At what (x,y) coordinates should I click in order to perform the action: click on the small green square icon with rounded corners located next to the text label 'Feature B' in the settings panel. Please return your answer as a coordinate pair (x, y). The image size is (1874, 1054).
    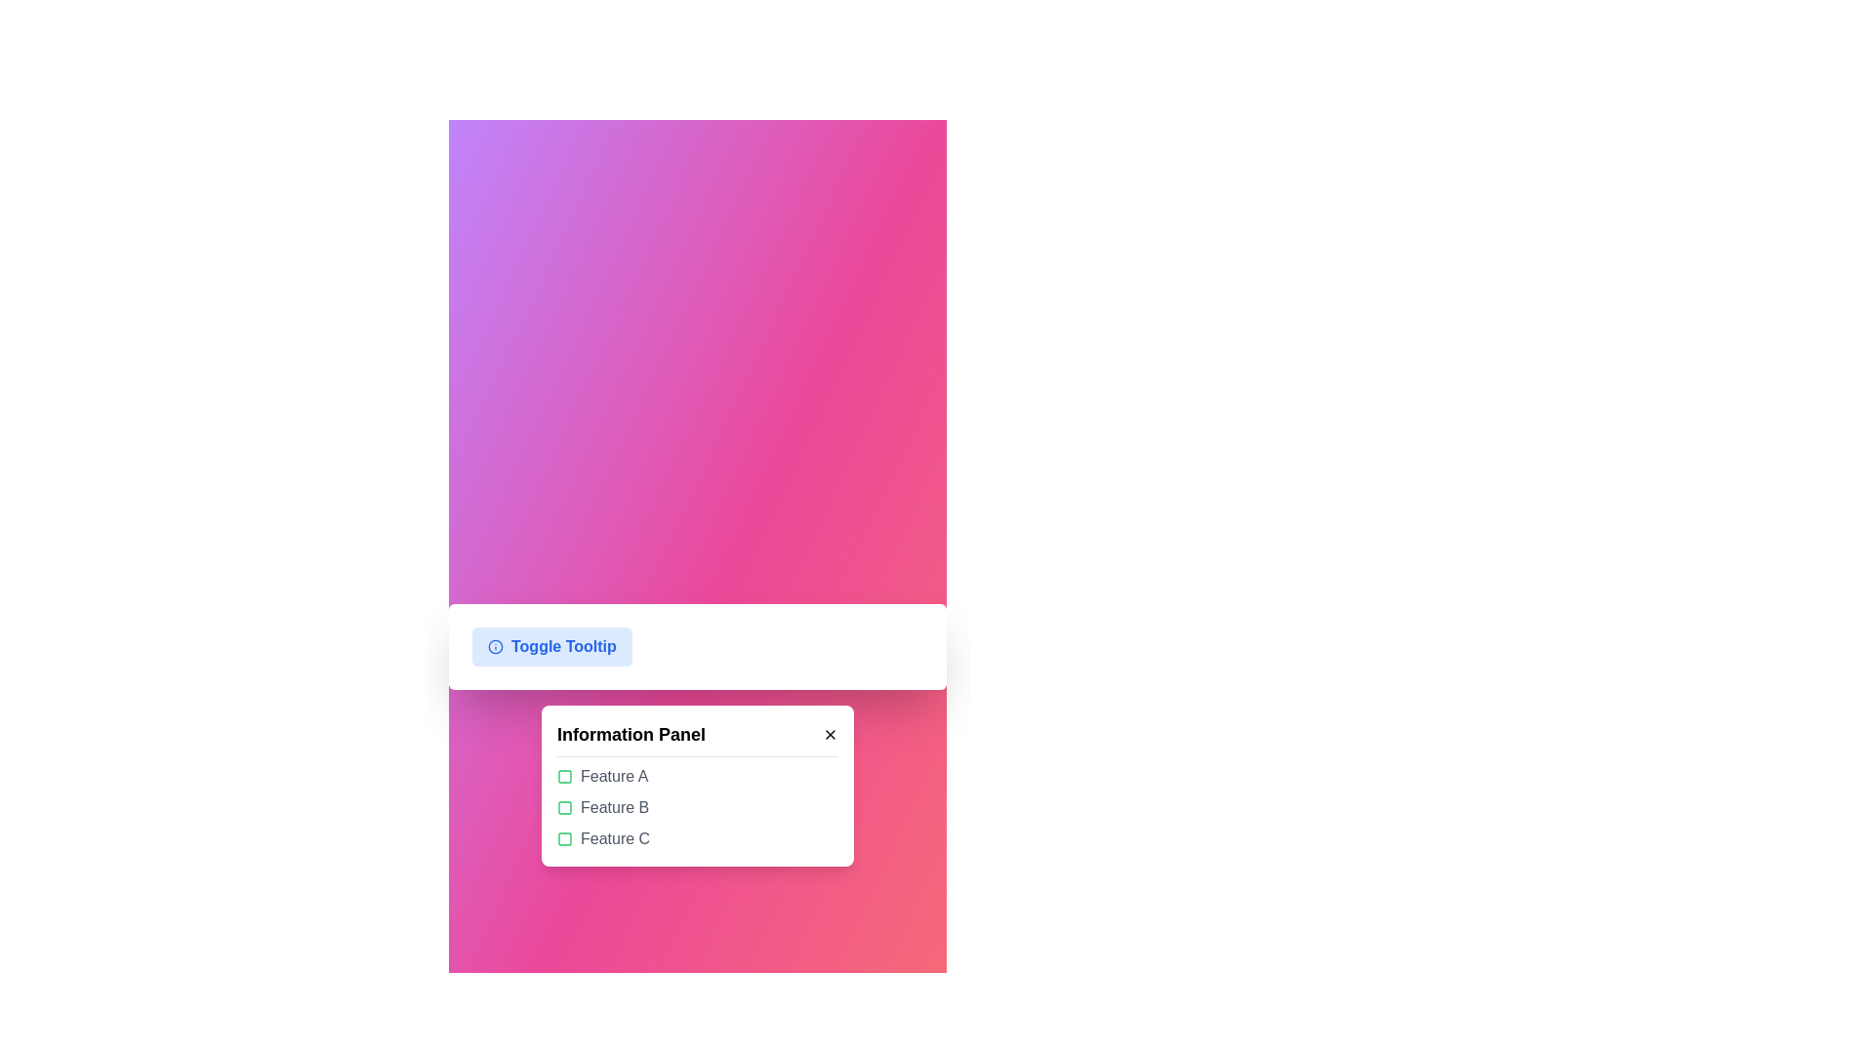
    Looking at the image, I should click on (564, 808).